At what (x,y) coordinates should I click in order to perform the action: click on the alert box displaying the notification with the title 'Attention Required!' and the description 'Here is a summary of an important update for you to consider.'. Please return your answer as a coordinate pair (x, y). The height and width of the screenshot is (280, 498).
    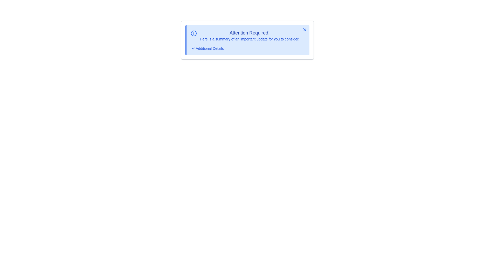
    Looking at the image, I should click on (247, 35).